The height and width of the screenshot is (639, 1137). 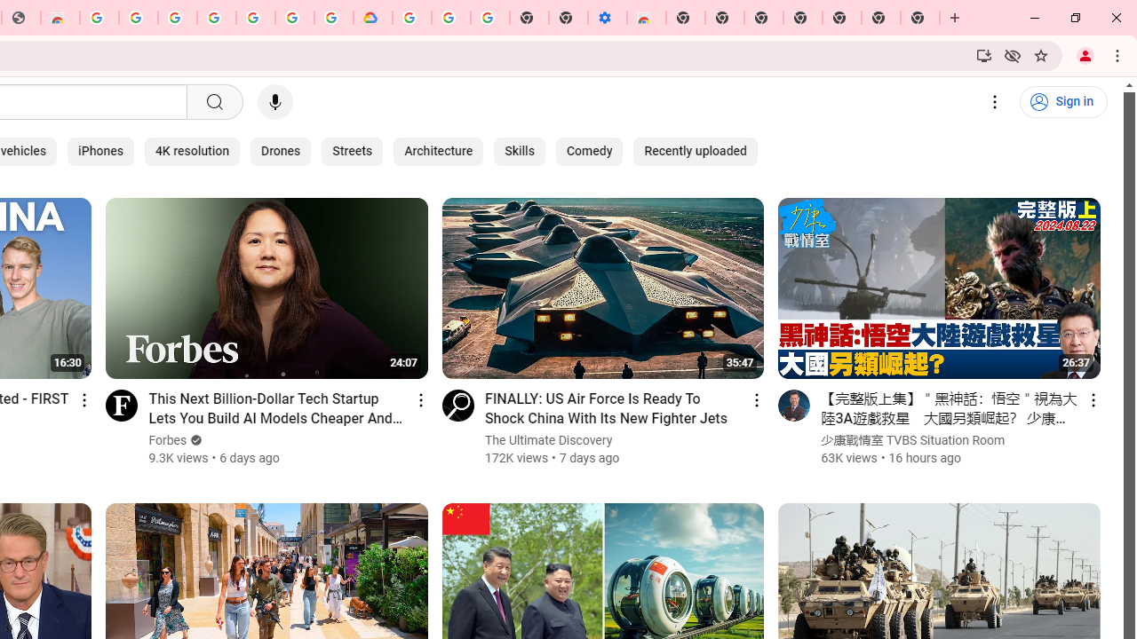 What do you see at coordinates (489, 18) in the screenshot?
I see `'Turn cookies on or off - Computer - Google Account Help'` at bounding box center [489, 18].